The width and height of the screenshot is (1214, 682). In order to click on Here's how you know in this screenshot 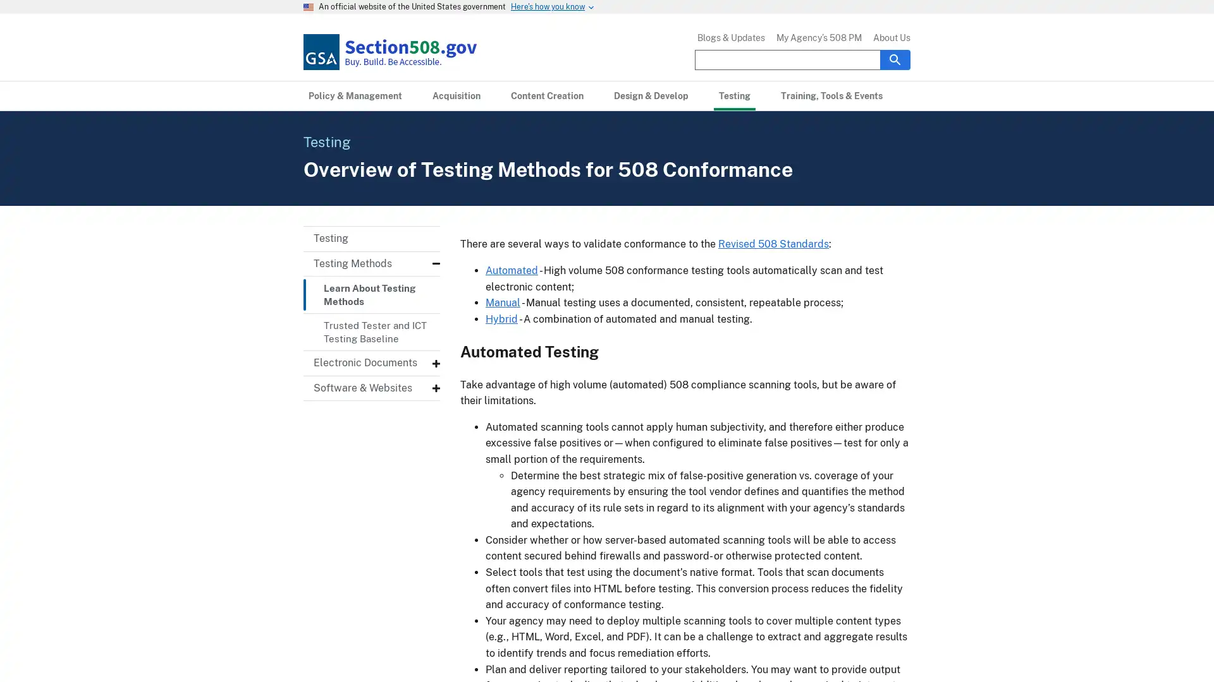, I will do `click(548, 7)`.